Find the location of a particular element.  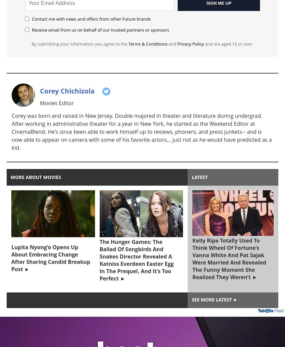

'Terms & Conditions' is located at coordinates (147, 44).